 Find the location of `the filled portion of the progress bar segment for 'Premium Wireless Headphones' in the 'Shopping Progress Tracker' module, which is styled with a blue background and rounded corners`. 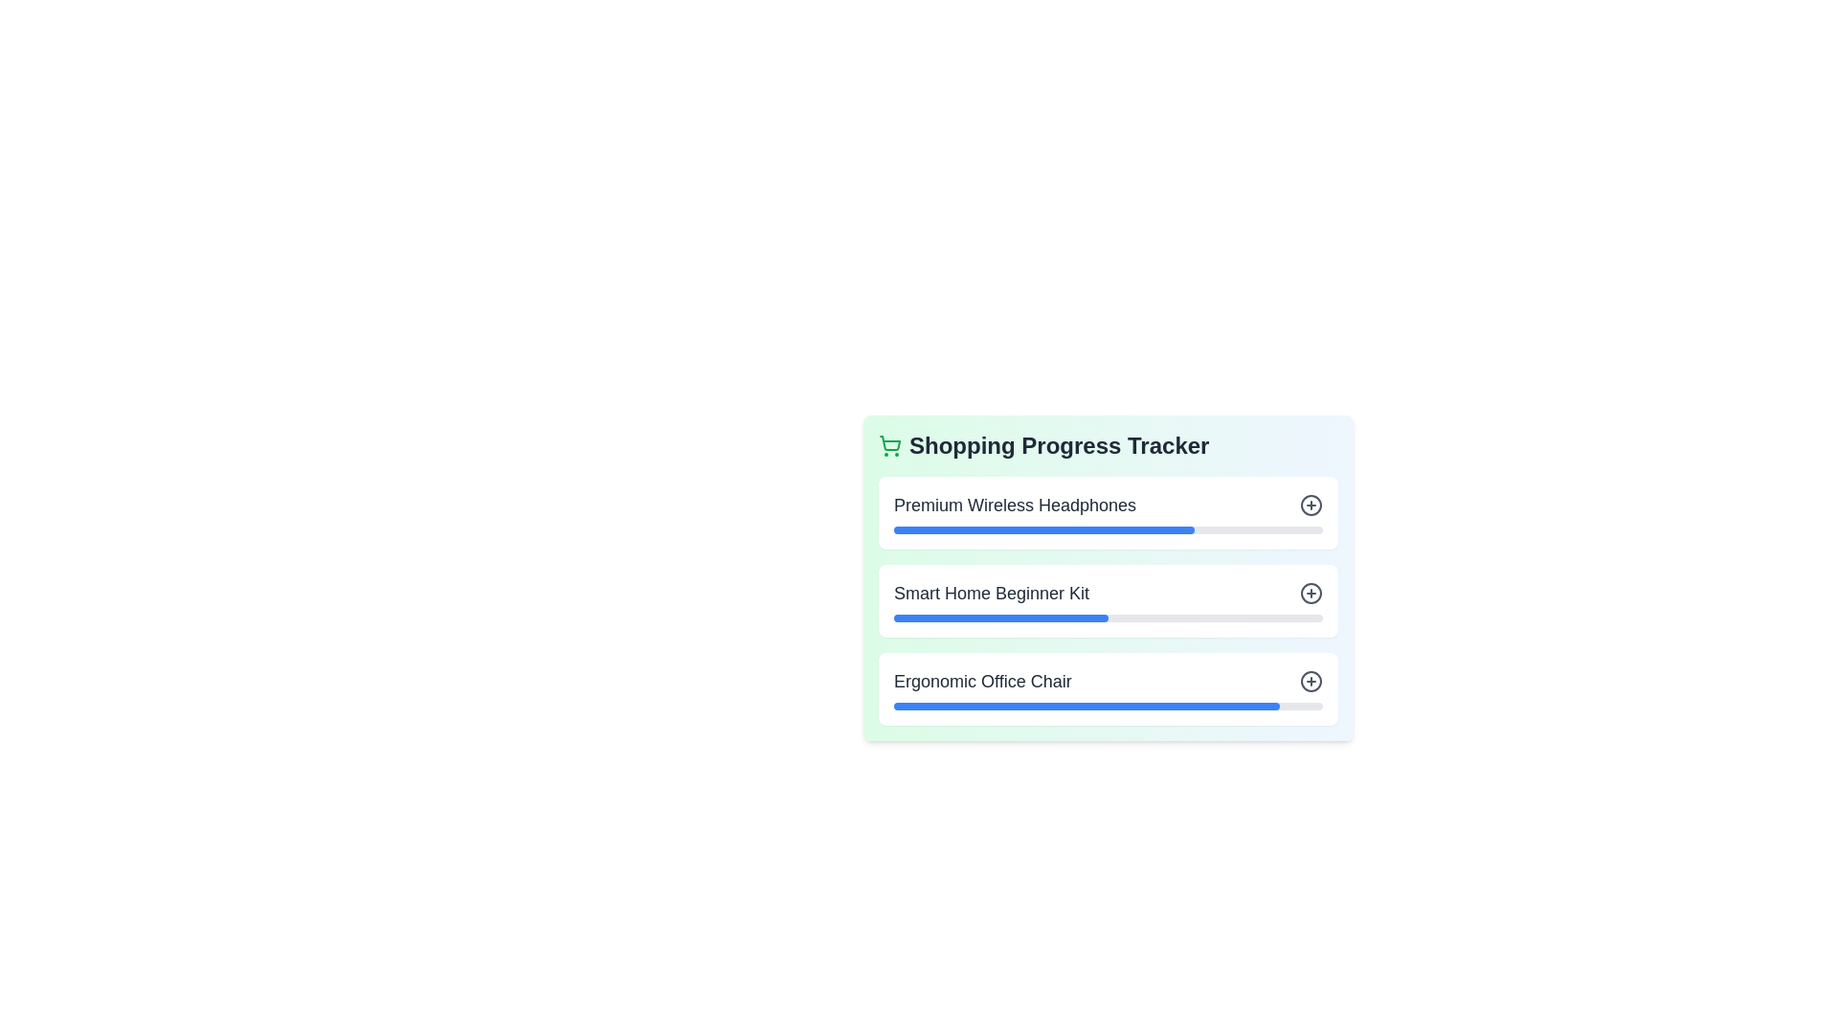

the filled portion of the progress bar segment for 'Premium Wireless Headphones' in the 'Shopping Progress Tracker' module, which is styled with a blue background and rounded corners is located at coordinates (1042, 530).